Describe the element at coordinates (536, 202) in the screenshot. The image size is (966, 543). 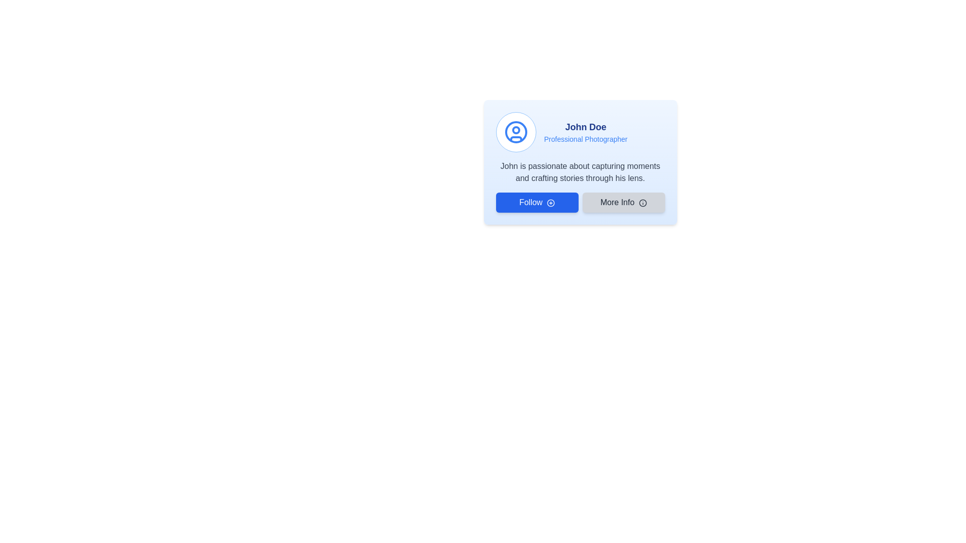
I see `the follow button located in the card interface, positioned to the left of the 'More Info' button` at that location.